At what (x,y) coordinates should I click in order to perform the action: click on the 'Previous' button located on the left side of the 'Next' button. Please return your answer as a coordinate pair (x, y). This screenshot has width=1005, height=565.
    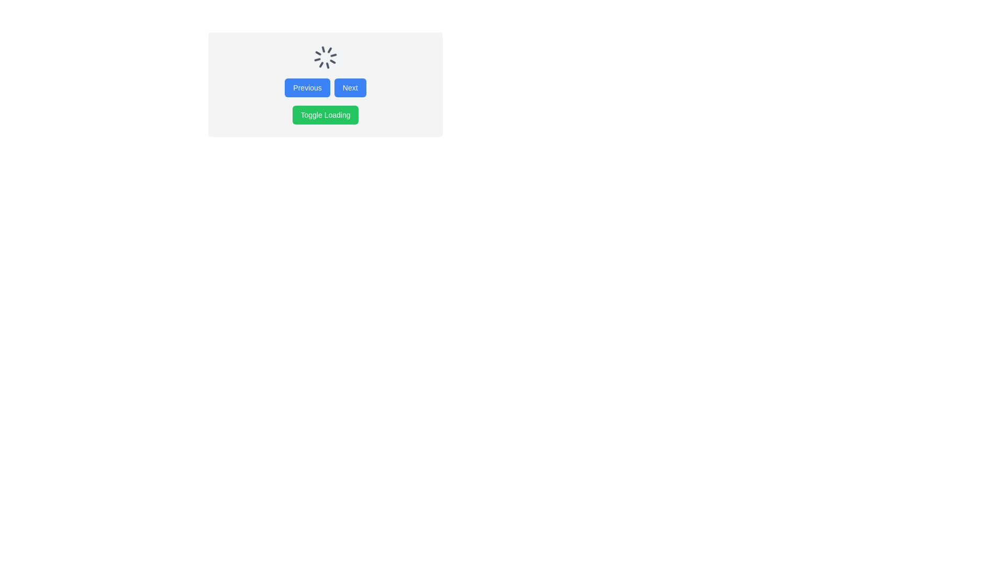
    Looking at the image, I should click on (307, 87).